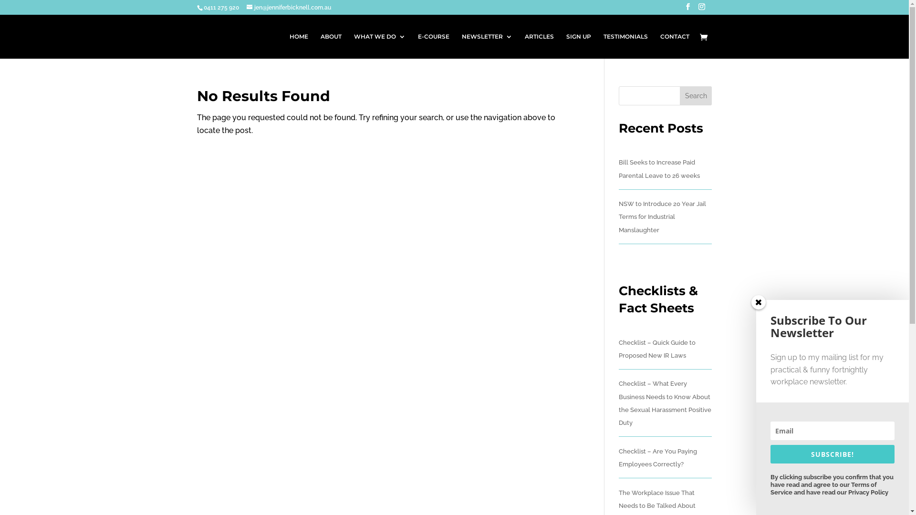 This screenshot has height=515, width=916. I want to click on 'HOME', so click(298, 46).